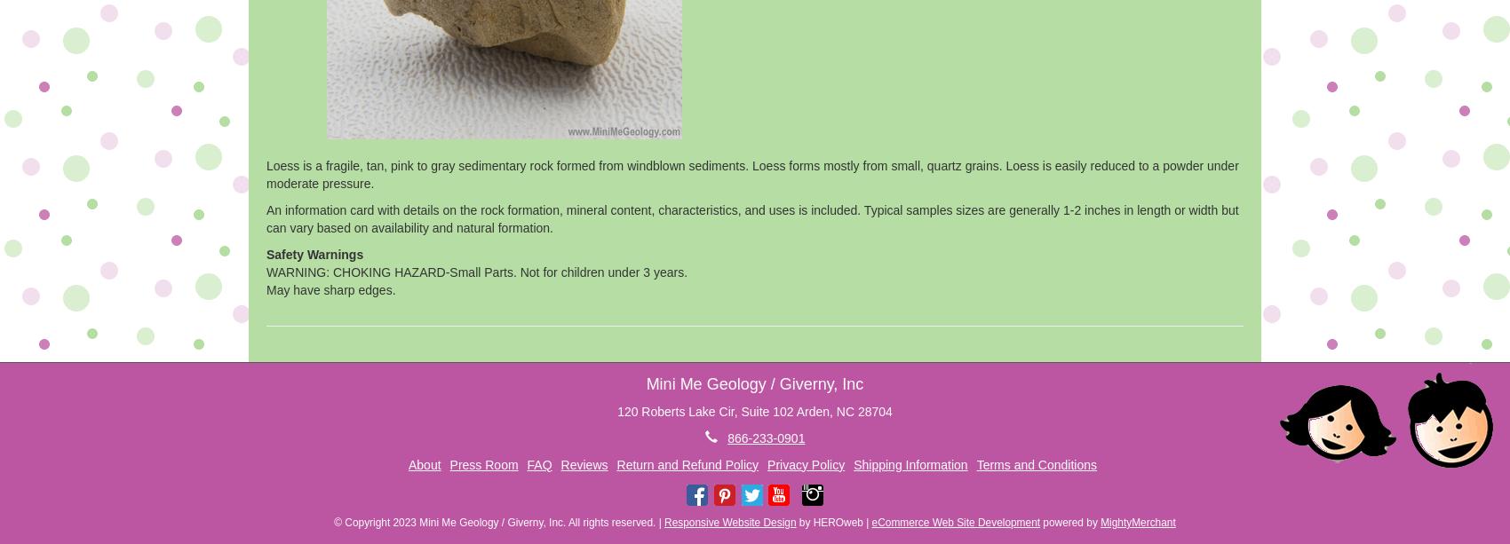  I want to click on 'Loess is a fragile, tan, pink to gray sedimentary rock formed from windblown sediments. Loess forms mostly from small, quartz grains. Loess is easily reduced to a powder under moderate pressure.', so click(751, 172).